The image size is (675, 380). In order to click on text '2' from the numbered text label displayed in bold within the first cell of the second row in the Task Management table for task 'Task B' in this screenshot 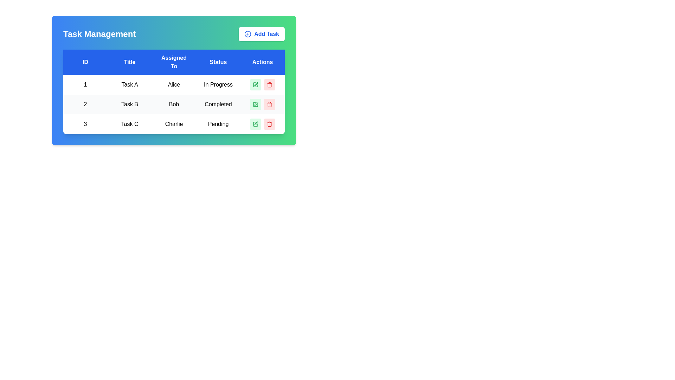, I will do `click(85, 104)`.